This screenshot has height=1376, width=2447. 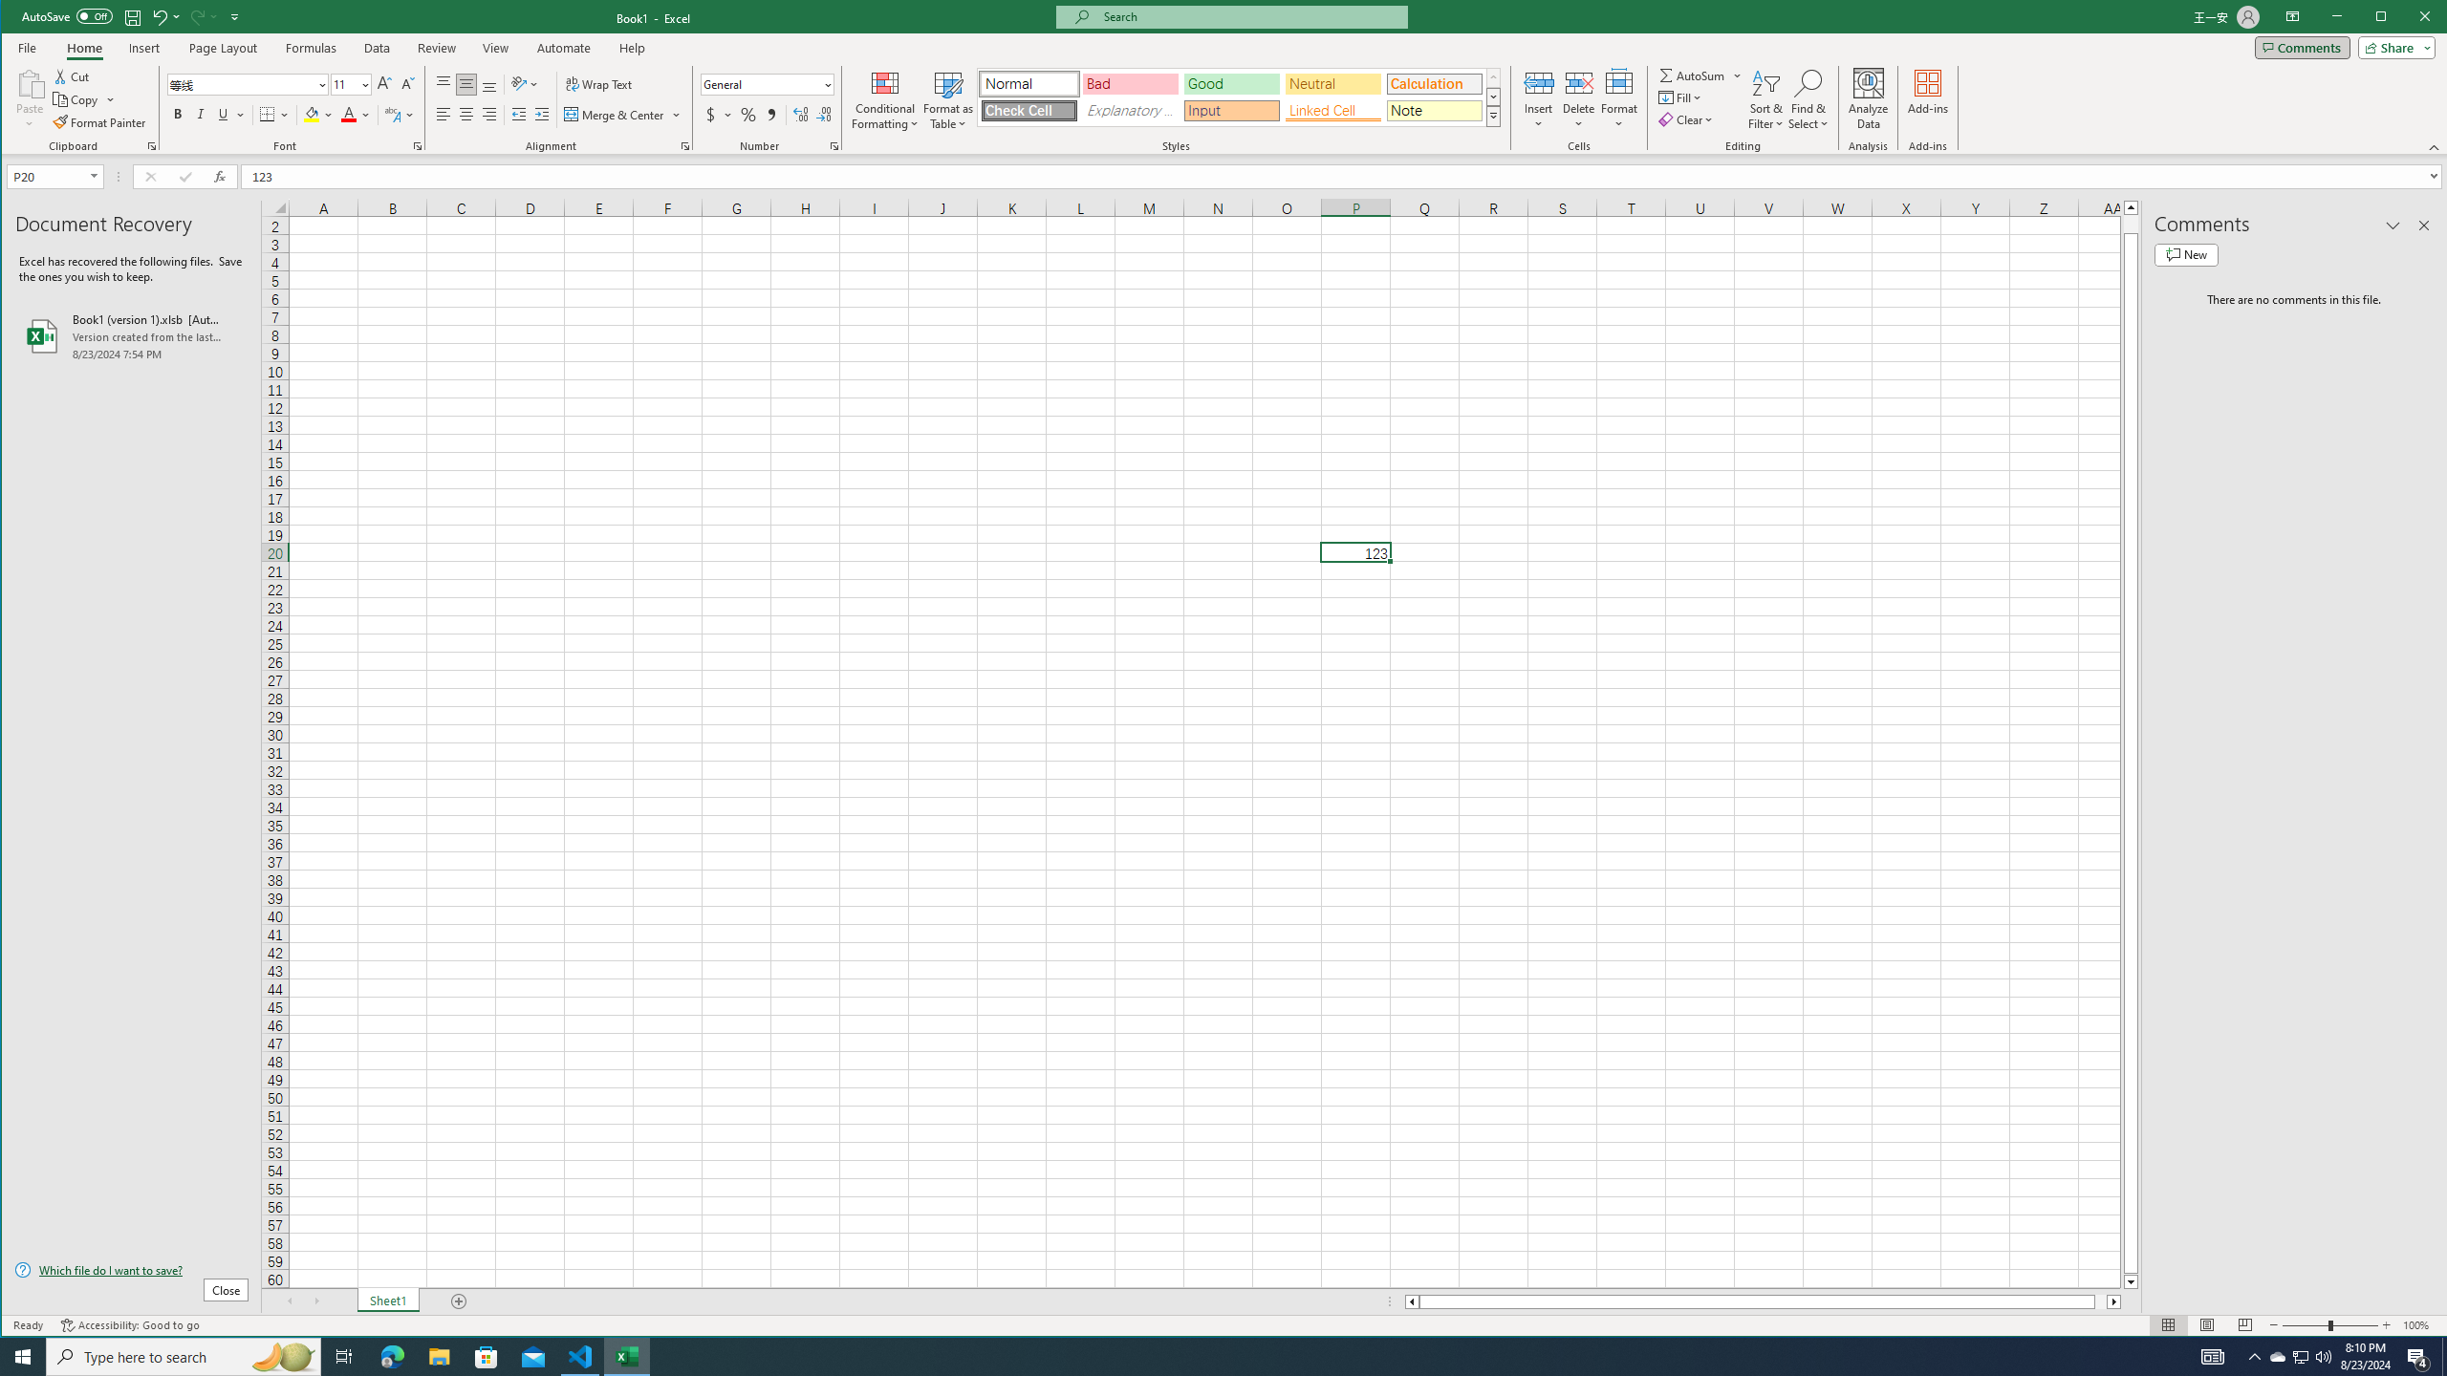 I want to click on 'Wrap Text', so click(x=599, y=83).